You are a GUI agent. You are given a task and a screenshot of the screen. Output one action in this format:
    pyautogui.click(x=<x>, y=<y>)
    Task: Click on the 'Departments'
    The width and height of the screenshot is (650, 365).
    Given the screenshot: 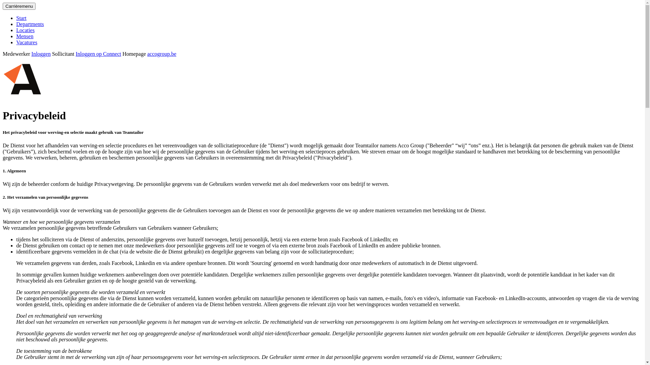 What is the action you would take?
    pyautogui.click(x=30, y=24)
    